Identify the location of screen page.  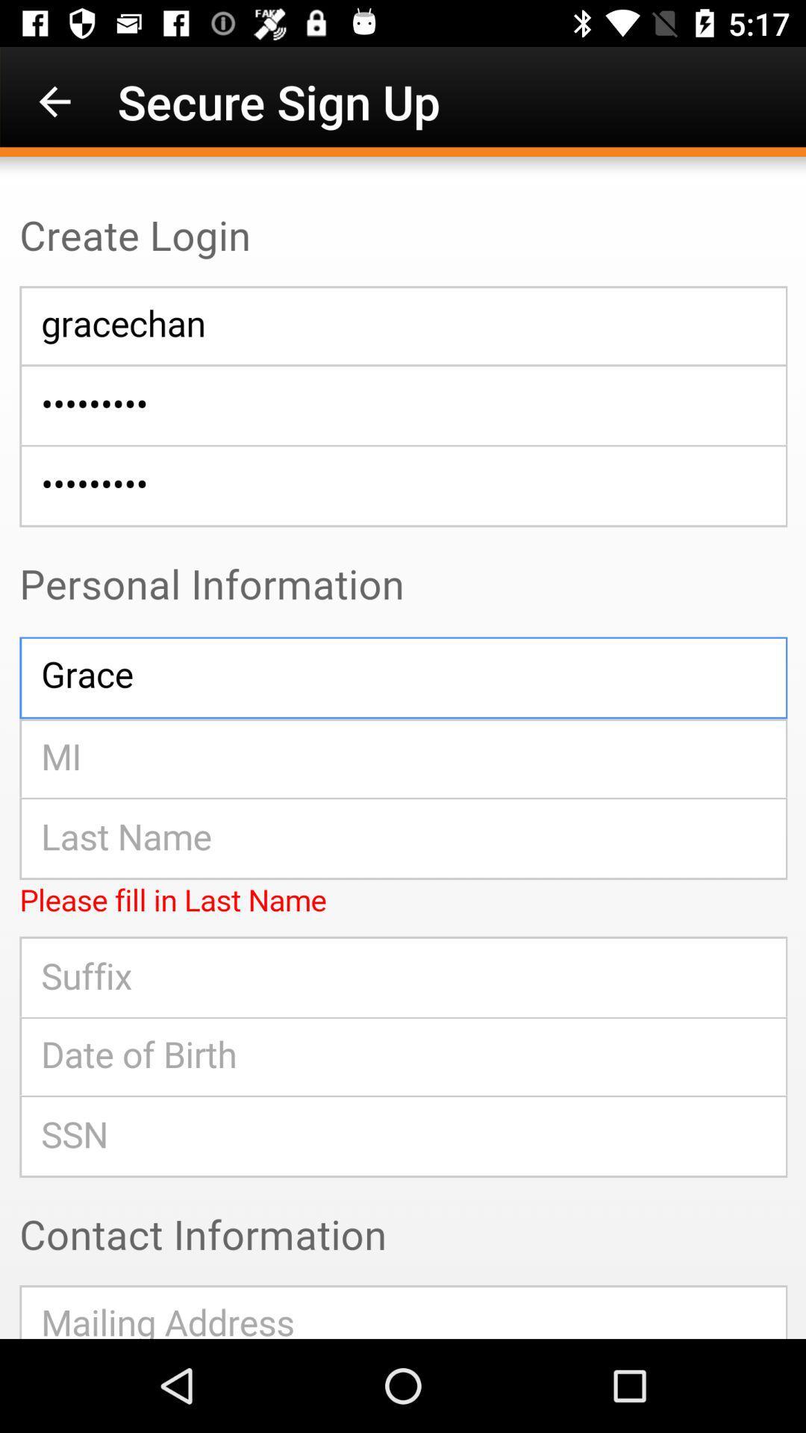
(403, 748).